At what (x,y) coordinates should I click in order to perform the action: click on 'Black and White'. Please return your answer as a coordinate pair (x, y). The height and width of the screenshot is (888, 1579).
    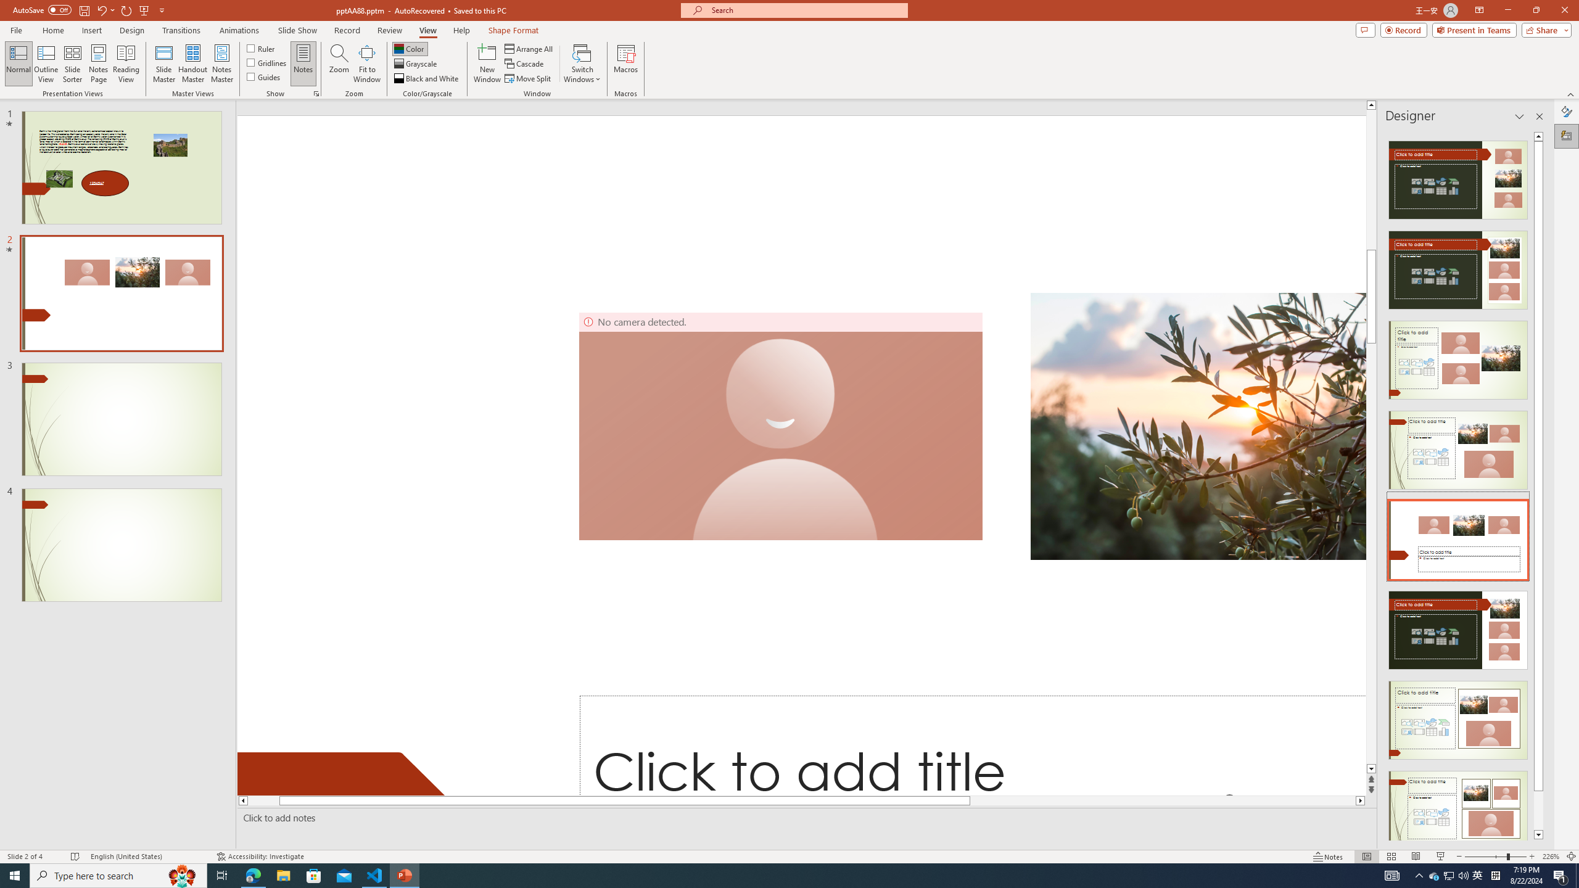
    Looking at the image, I should click on (427, 78).